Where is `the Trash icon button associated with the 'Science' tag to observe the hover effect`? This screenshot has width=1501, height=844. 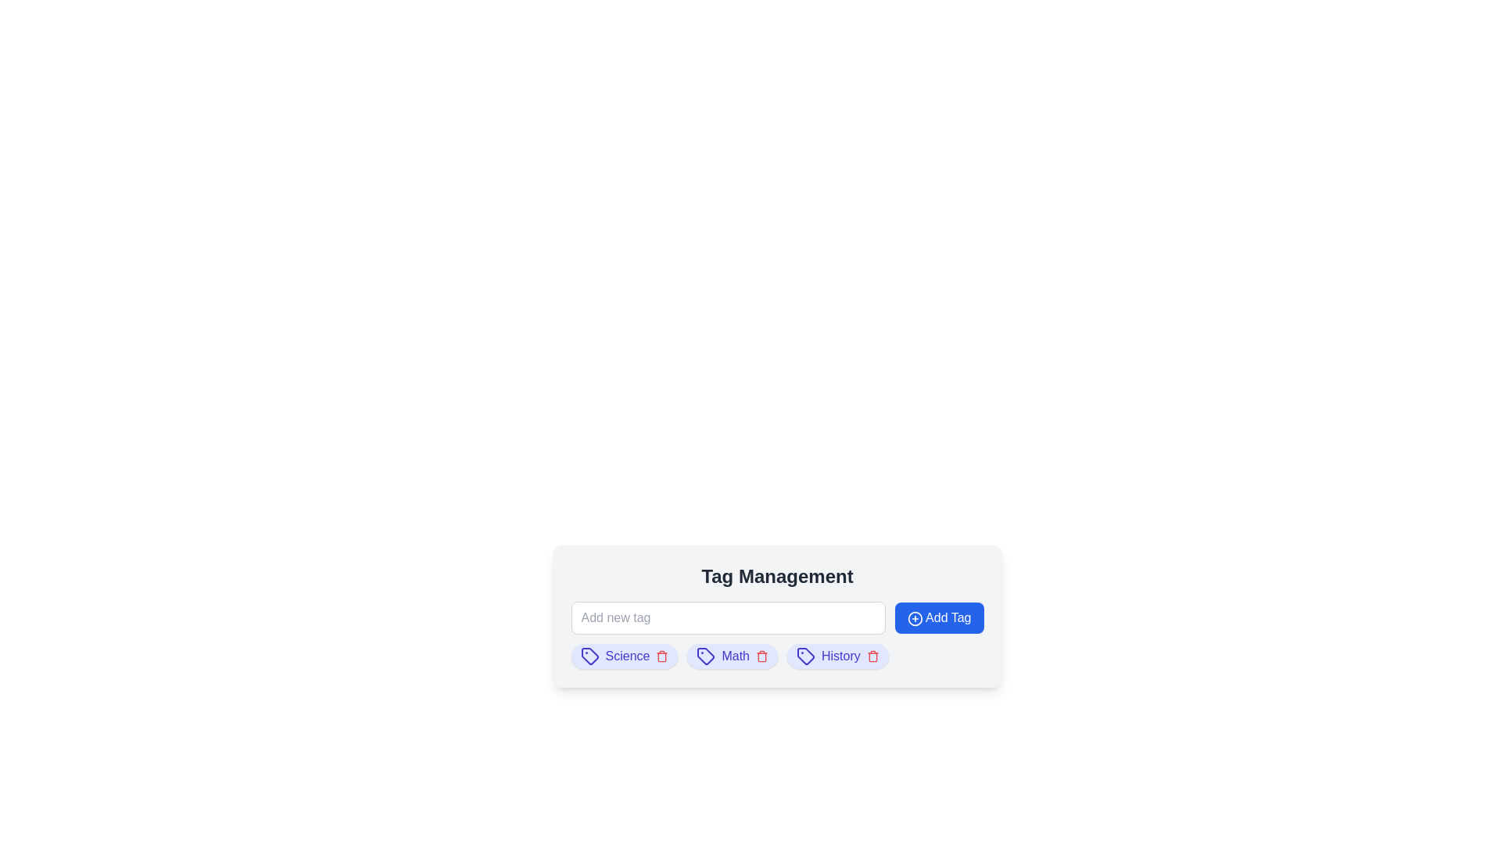 the Trash icon button associated with the 'Science' tag to observe the hover effect is located at coordinates (662, 656).